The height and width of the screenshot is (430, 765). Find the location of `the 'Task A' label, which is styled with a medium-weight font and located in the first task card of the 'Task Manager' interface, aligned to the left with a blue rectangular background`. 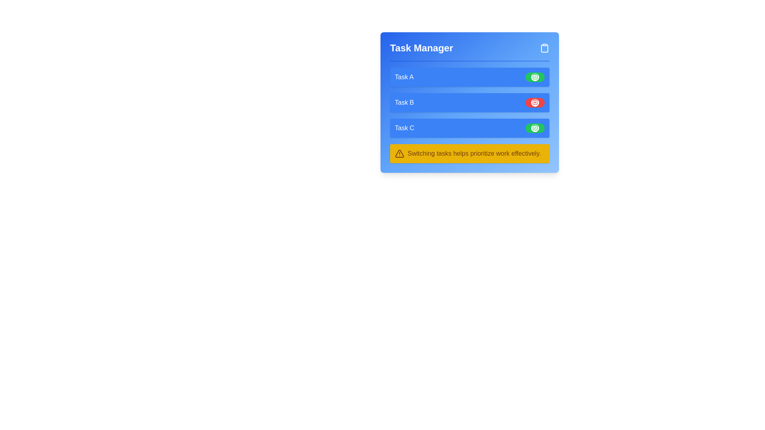

the 'Task A' label, which is styled with a medium-weight font and located in the first task card of the 'Task Manager' interface, aligned to the left with a blue rectangular background is located at coordinates (404, 77).